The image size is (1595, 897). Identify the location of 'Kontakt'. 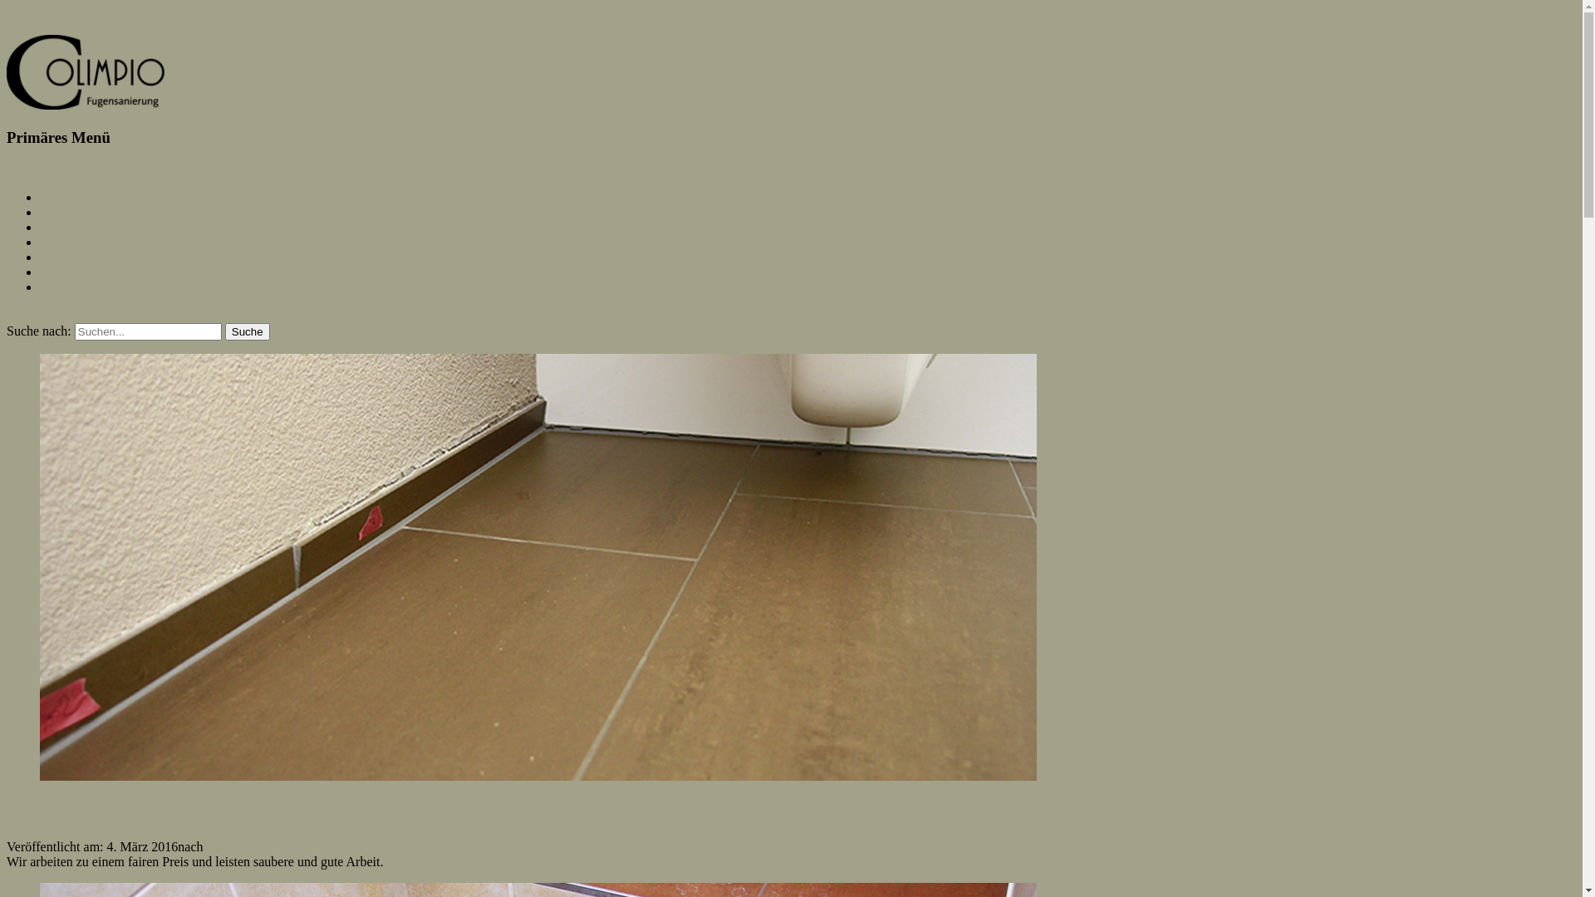
(61, 271).